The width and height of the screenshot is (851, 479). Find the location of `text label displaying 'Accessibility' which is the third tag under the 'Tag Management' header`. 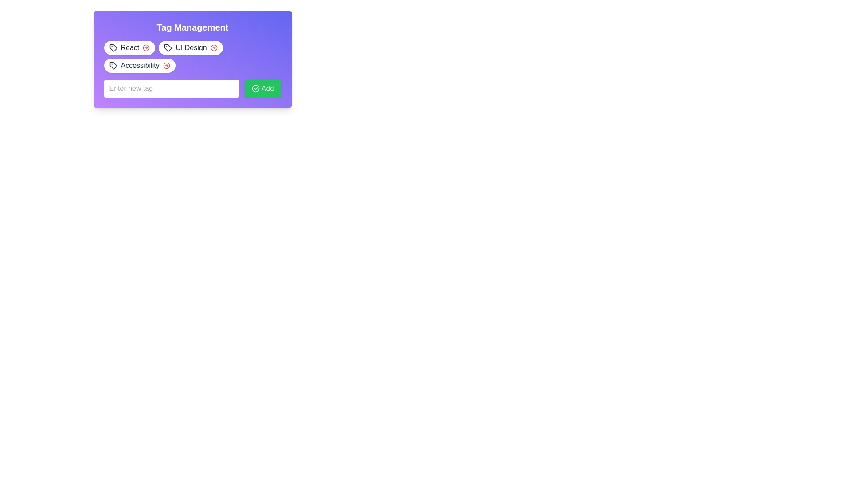

text label displaying 'Accessibility' which is the third tag under the 'Tag Management' header is located at coordinates (140, 65).